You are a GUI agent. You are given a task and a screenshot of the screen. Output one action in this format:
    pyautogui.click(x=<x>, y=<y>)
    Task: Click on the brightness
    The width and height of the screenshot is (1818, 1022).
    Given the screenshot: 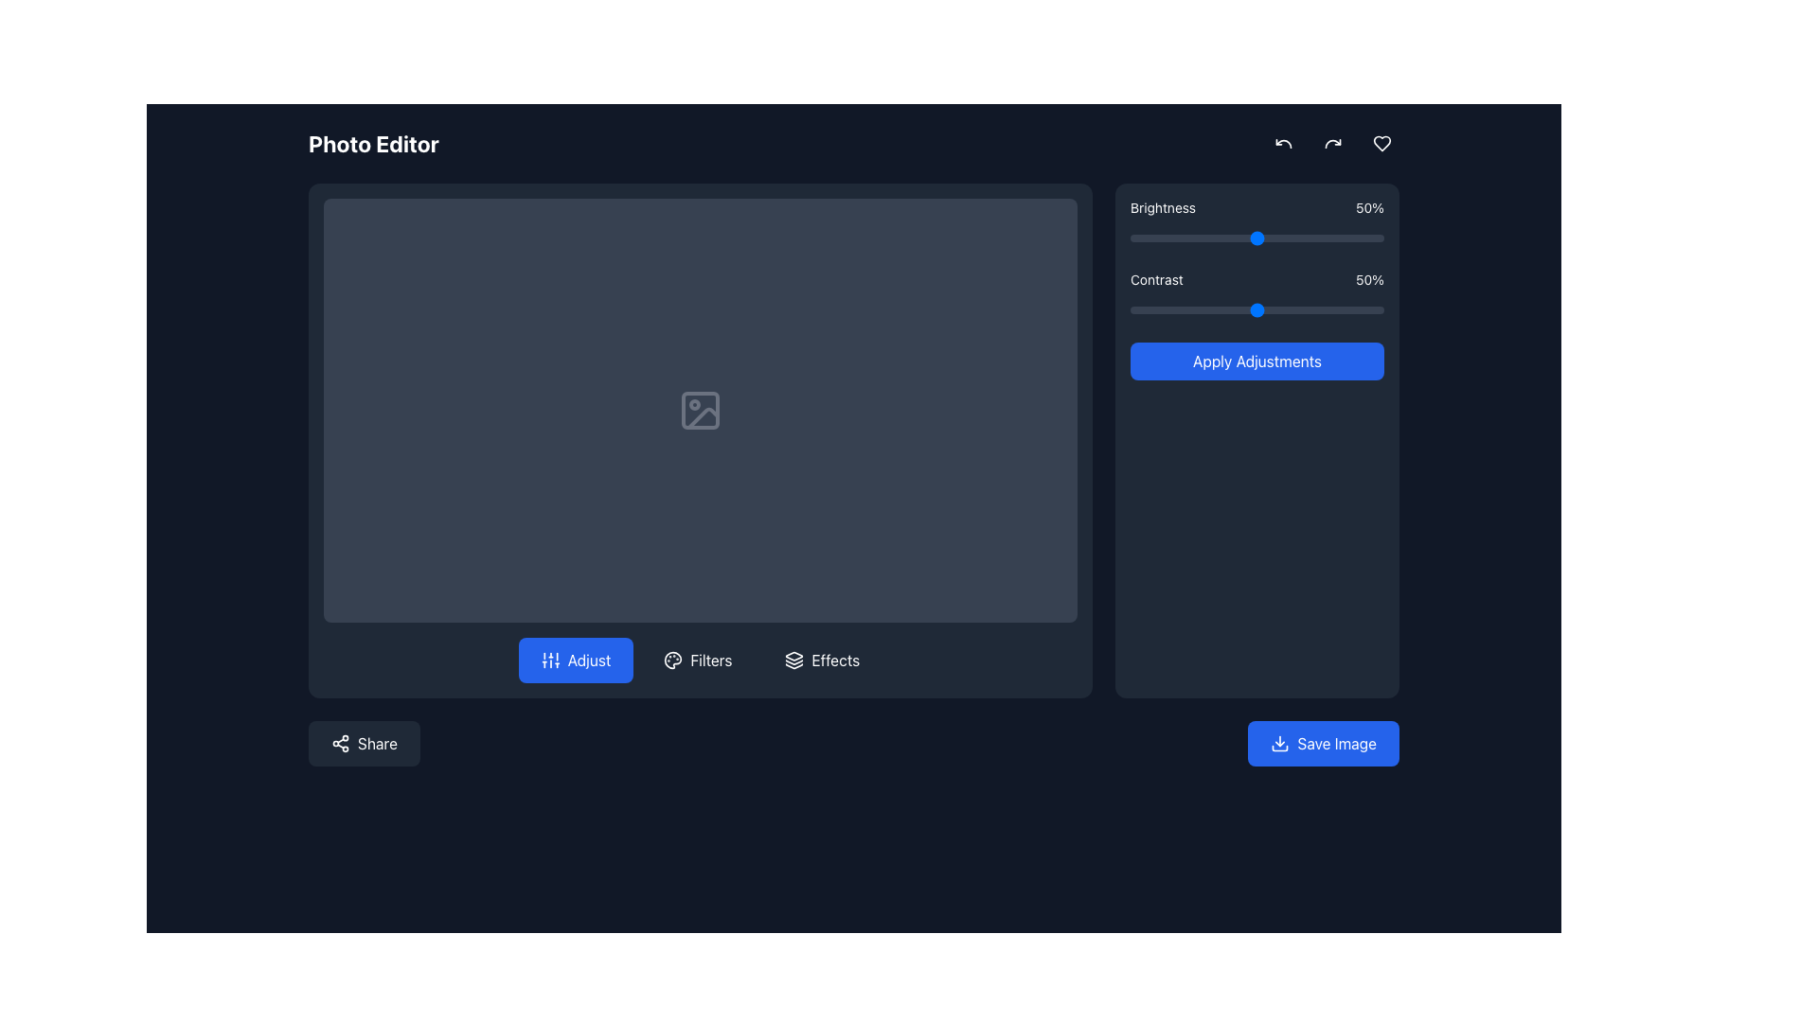 What is the action you would take?
    pyautogui.click(x=1329, y=237)
    